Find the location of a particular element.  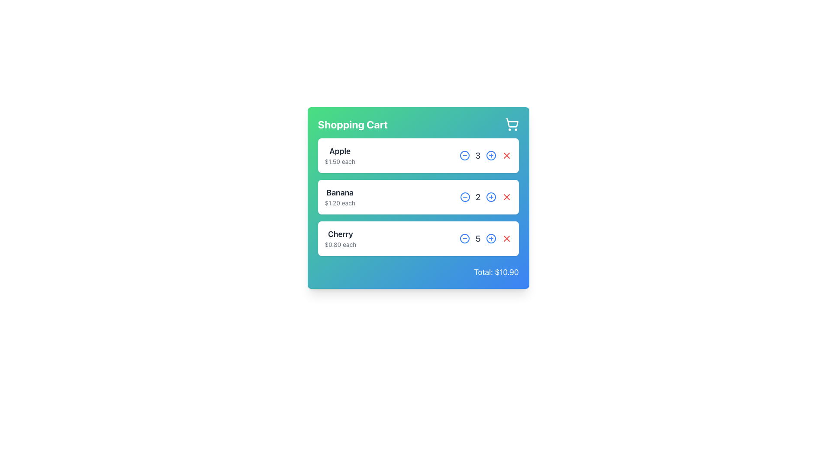

the circular outline icon in the second row of the shopping cart list, which is positioned to the left of the 'X' icon and right of the quantity adjusters is located at coordinates (491, 197).